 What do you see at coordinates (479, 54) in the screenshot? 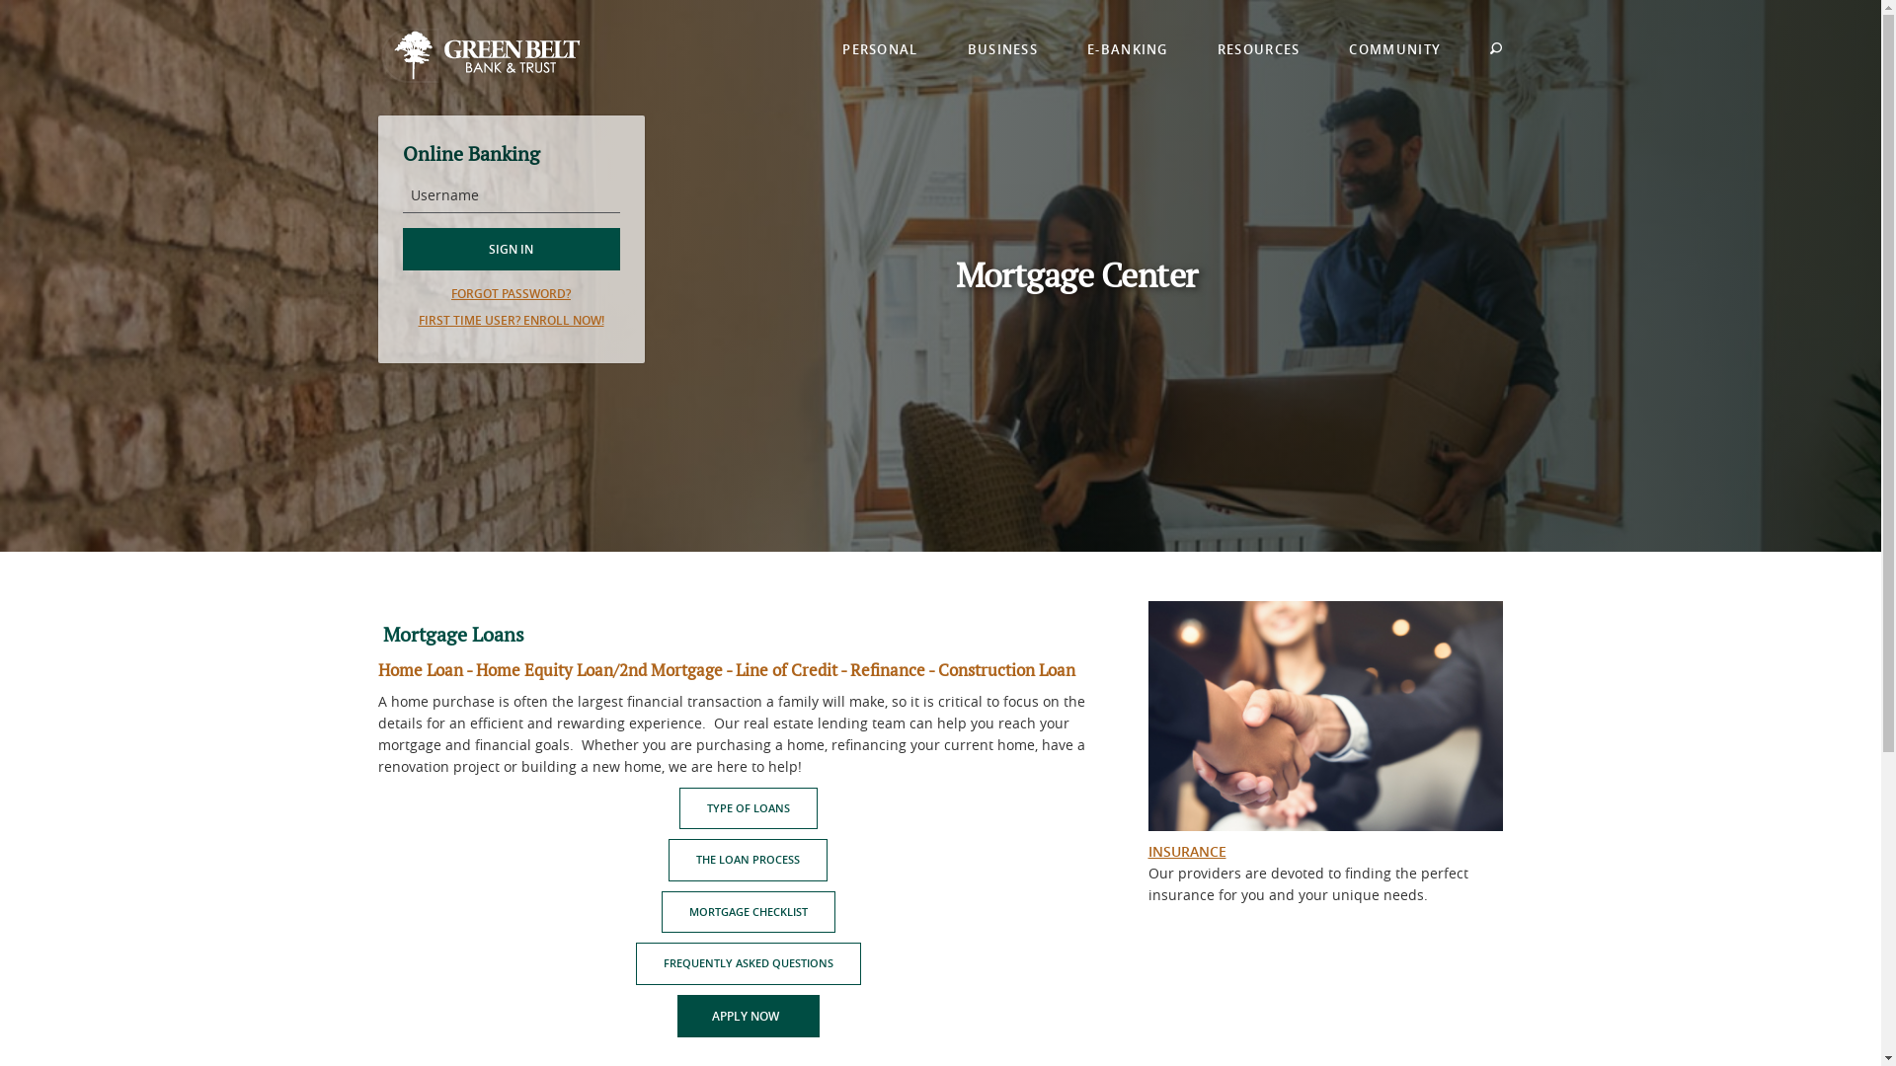
I see `'Green Belt Bank & Trust, Iowa Falls, IA'` at bounding box center [479, 54].